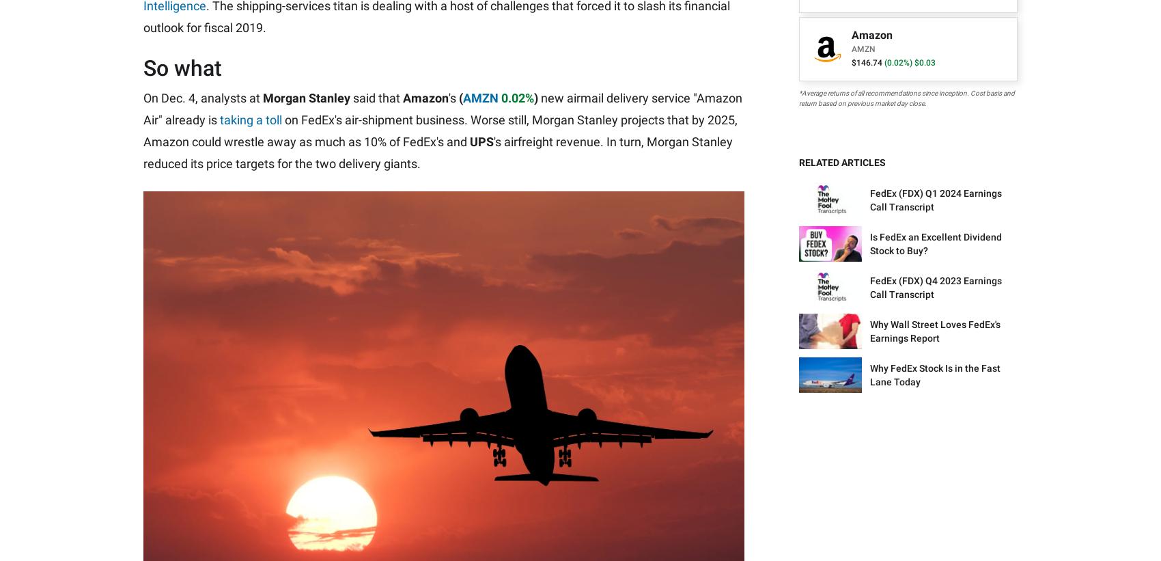 The image size is (1161, 561). Describe the element at coordinates (932, 162) in the screenshot. I see `'Our Affiliates'` at that location.